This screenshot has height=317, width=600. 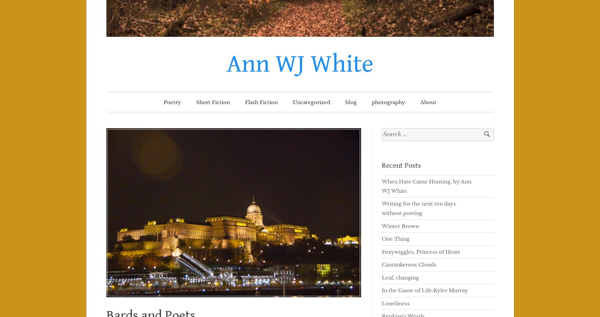 What do you see at coordinates (299, 64) in the screenshot?
I see `'Ann WJ White'` at bounding box center [299, 64].